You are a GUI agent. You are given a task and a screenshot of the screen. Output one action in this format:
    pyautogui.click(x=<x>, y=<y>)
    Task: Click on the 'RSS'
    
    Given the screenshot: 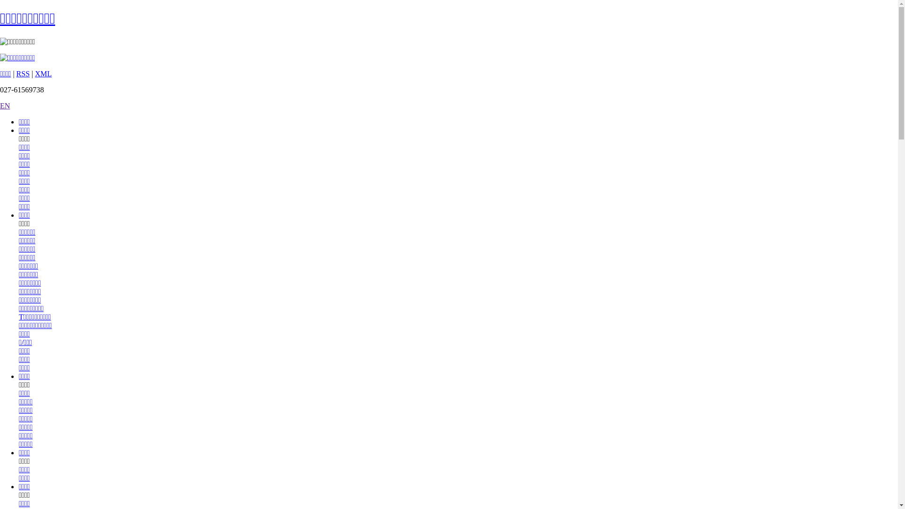 What is the action you would take?
    pyautogui.click(x=23, y=73)
    